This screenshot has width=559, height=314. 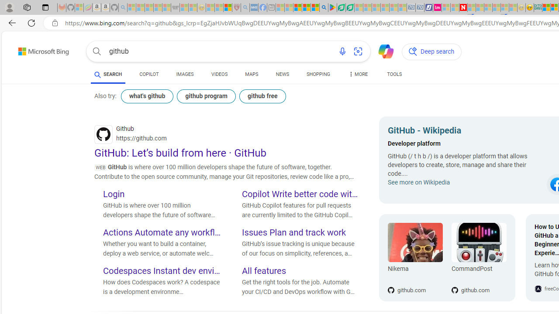 What do you see at coordinates (107, 74) in the screenshot?
I see `'SEARCH'` at bounding box center [107, 74].